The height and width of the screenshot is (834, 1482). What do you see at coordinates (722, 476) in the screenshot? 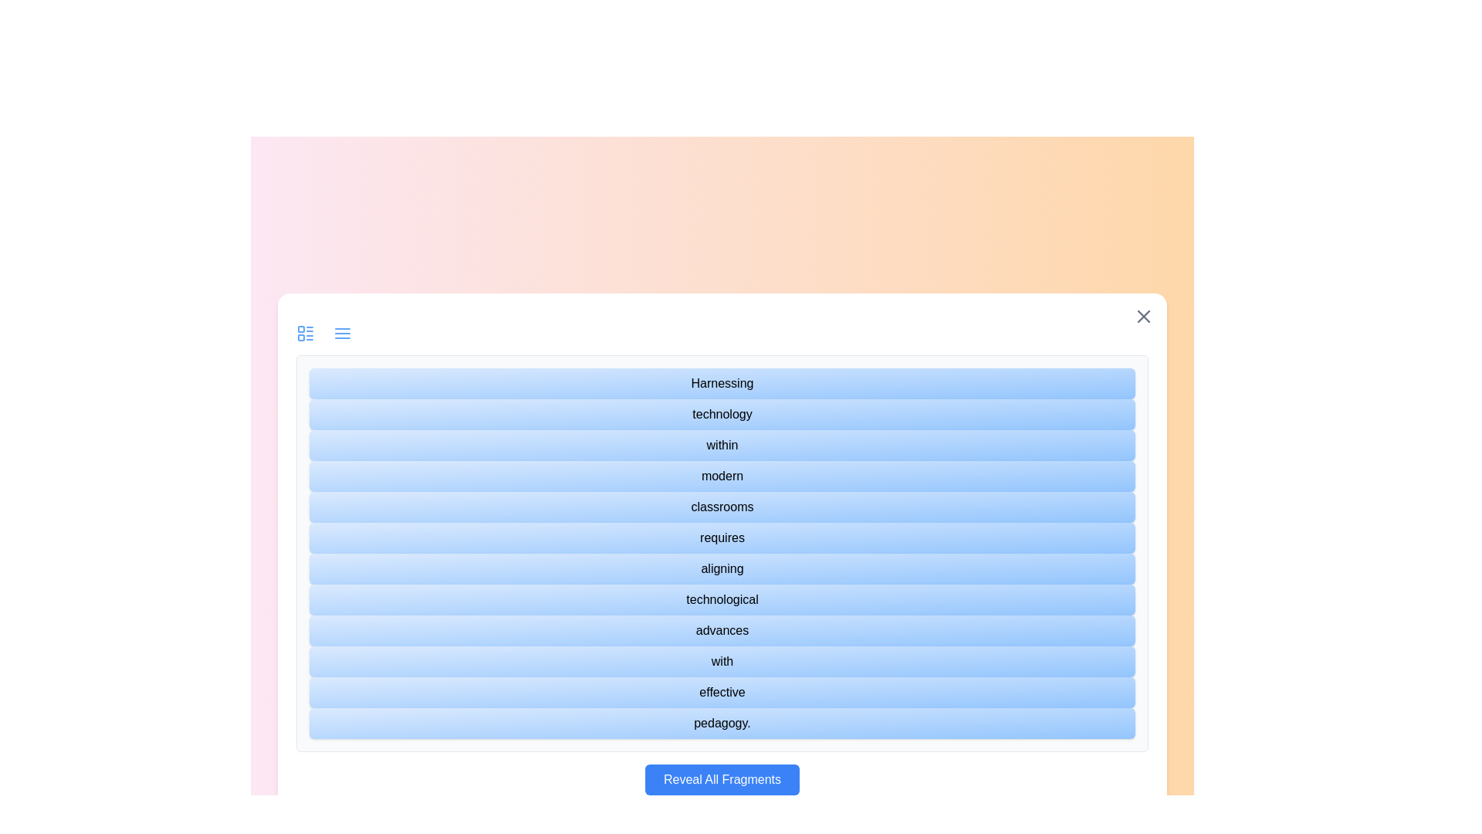
I see `the text fragment labeled 'modern'` at bounding box center [722, 476].